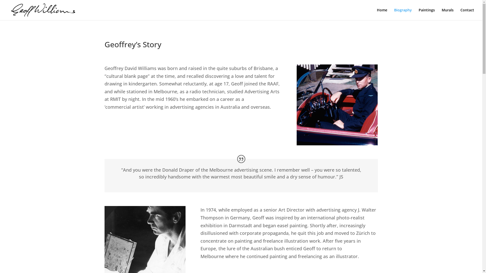 The width and height of the screenshot is (486, 273). Describe the element at coordinates (403, 14) in the screenshot. I see `'Biography'` at that location.